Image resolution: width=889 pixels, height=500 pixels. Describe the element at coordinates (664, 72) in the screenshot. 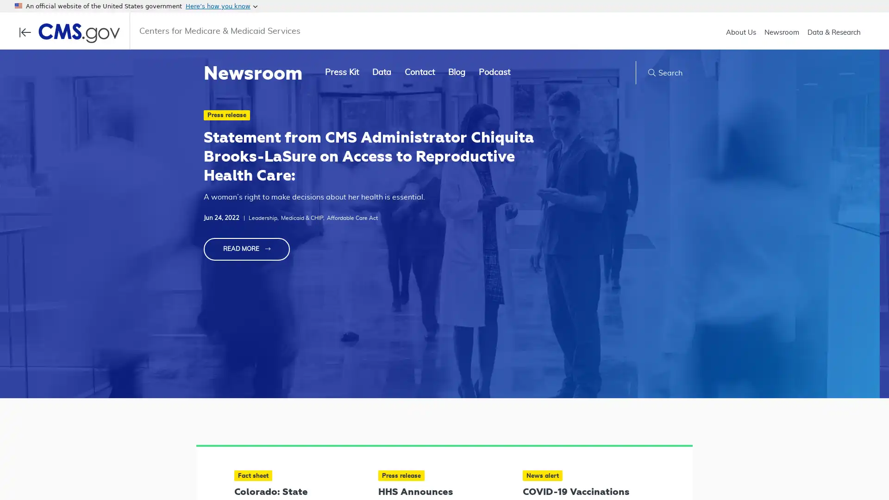

I see `Search` at that location.